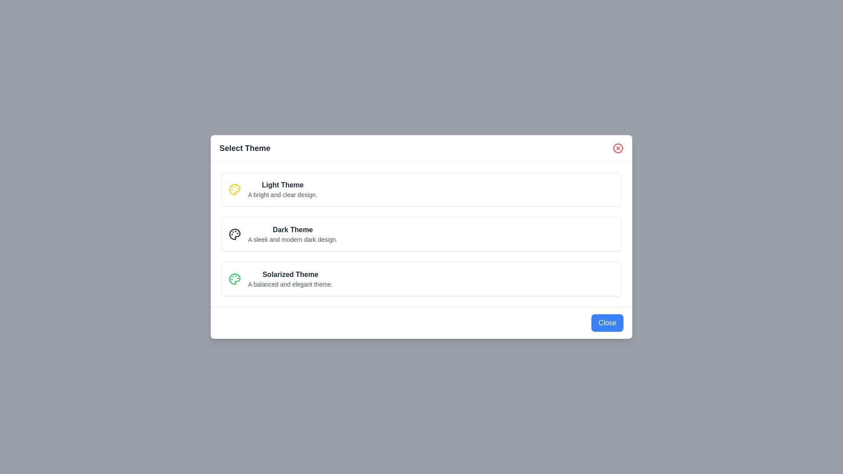 This screenshot has height=474, width=843. What do you see at coordinates (606, 323) in the screenshot?
I see `the 'Close' button to close the dialog` at bounding box center [606, 323].